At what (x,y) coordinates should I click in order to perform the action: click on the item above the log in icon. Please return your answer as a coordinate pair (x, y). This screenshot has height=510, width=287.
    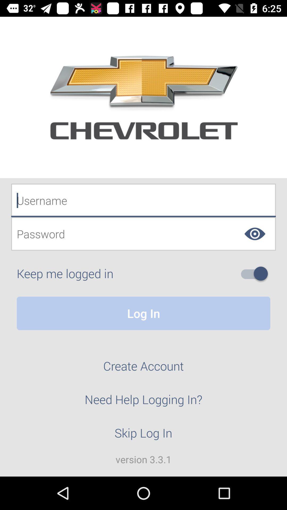
    Looking at the image, I should click on (256, 274).